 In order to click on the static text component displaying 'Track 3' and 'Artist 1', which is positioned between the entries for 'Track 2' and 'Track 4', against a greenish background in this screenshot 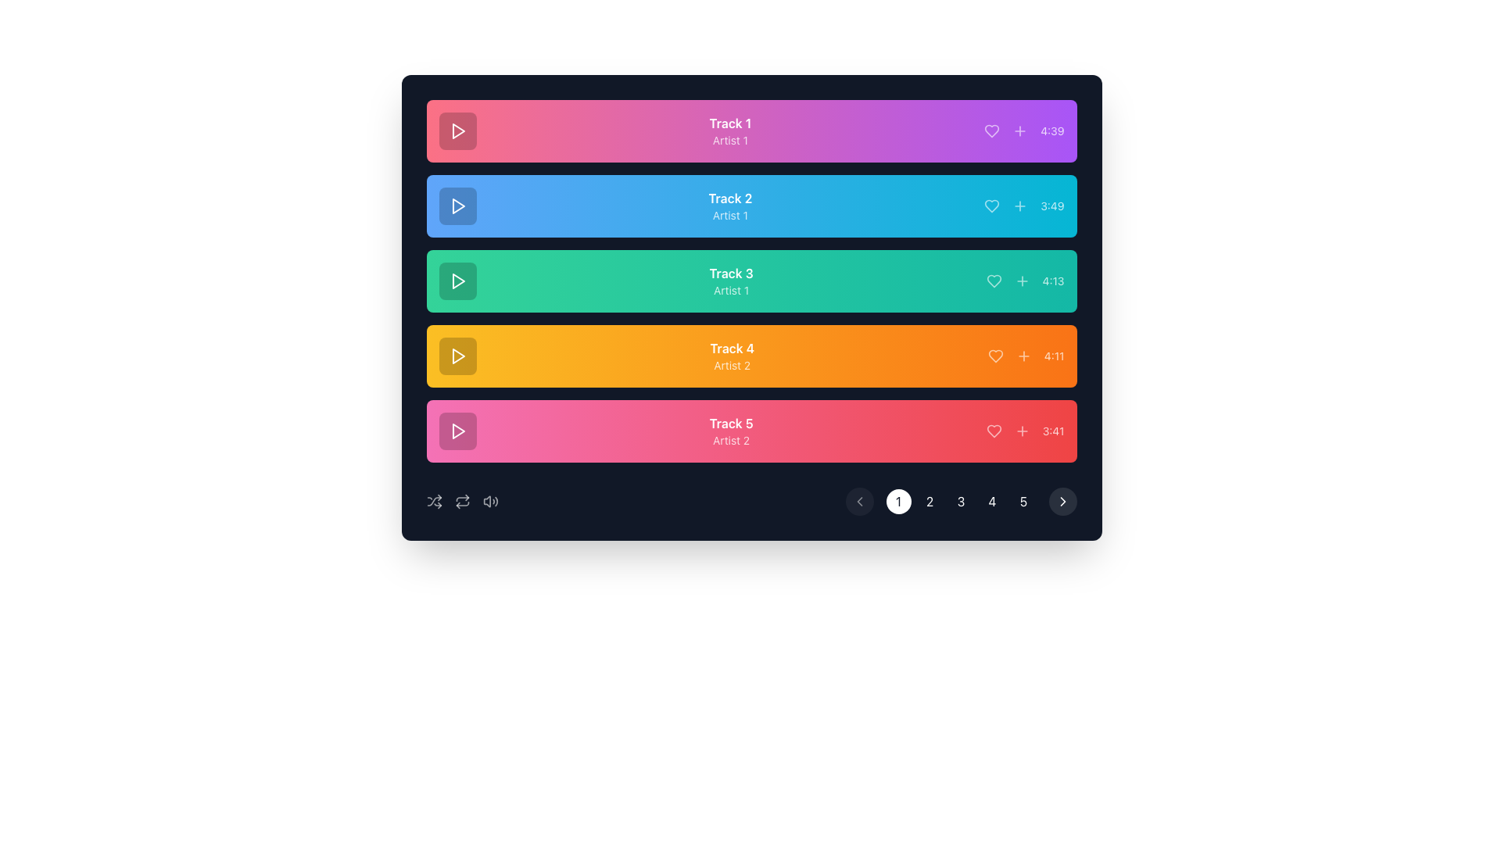, I will do `click(730, 280)`.